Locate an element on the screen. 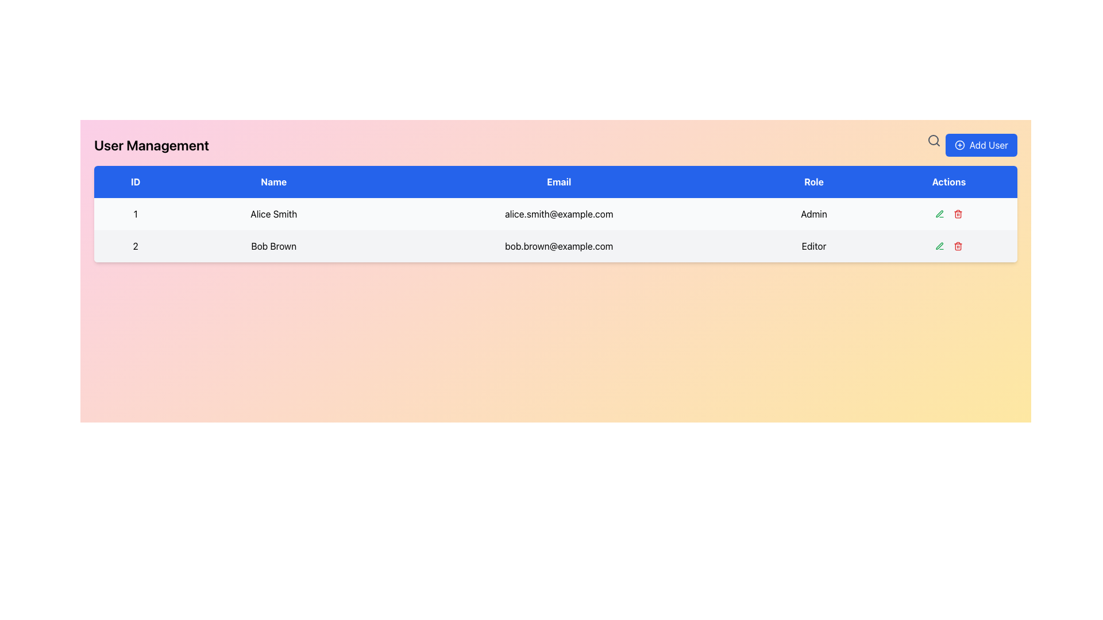 The width and height of the screenshot is (1103, 620). the static text field displaying the role 'Editor' in the second row of the table, which is centered within its cell and aligned with other roles in the same column is located at coordinates (813, 245).